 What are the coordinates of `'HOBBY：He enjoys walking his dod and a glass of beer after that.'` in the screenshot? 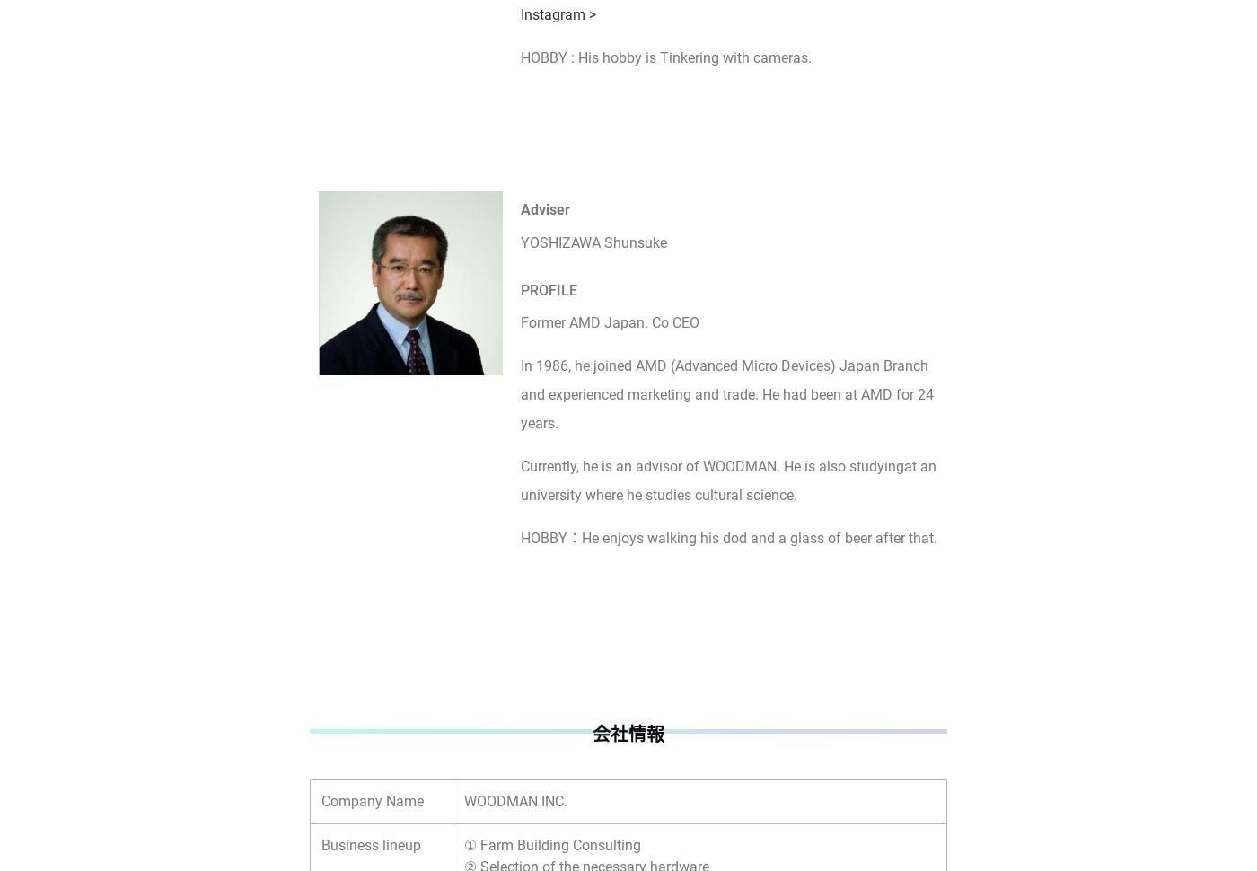 It's located at (729, 538).